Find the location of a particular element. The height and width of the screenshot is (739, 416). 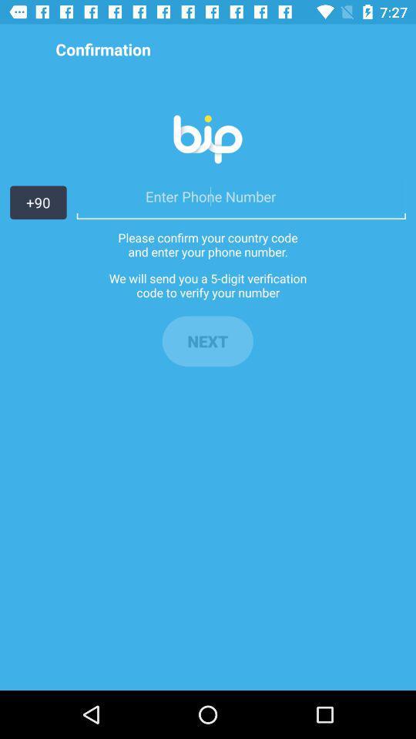

the +90 icon is located at coordinates (38, 202).